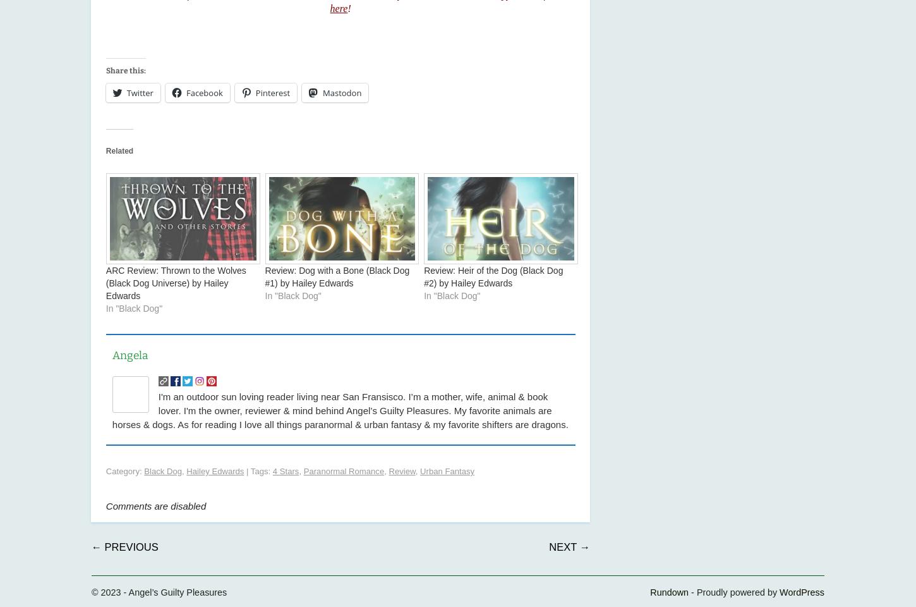 The height and width of the screenshot is (607, 916). I want to click on 'Review', so click(401, 470).